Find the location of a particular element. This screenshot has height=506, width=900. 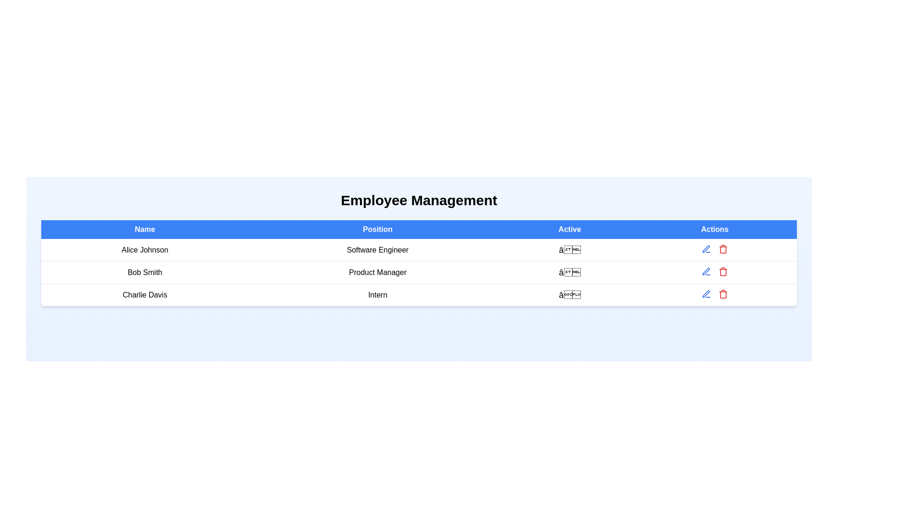

'Edit' button for the employee identified by Charlie Davis is located at coordinates (706, 294).